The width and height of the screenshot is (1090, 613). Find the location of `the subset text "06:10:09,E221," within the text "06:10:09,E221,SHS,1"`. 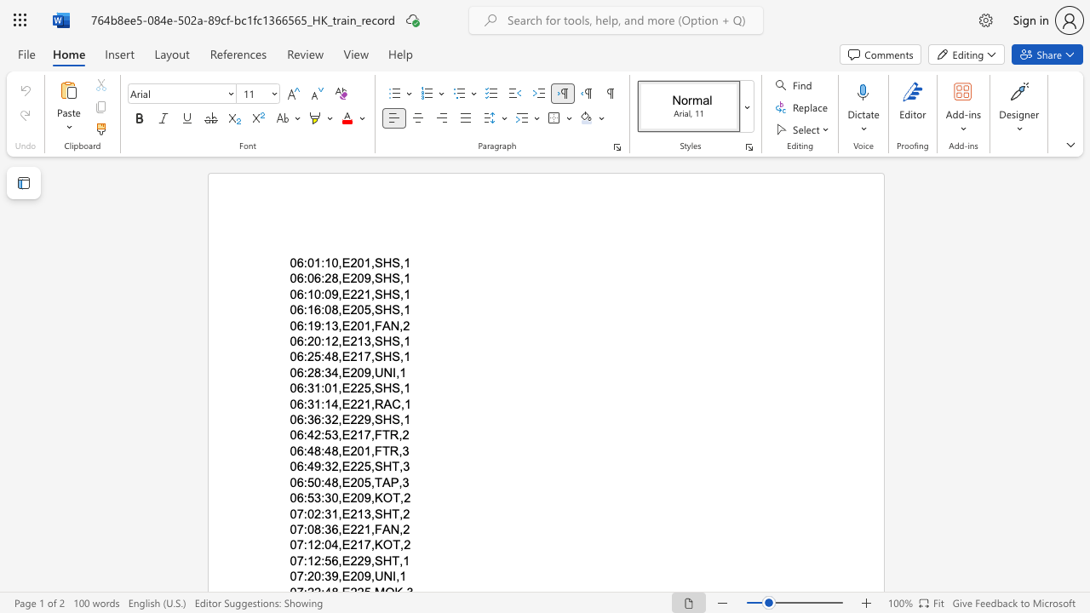

the subset text "06:10:09,E221," within the text "06:10:09,E221,SHS,1" is located at coordinates (290, 293).